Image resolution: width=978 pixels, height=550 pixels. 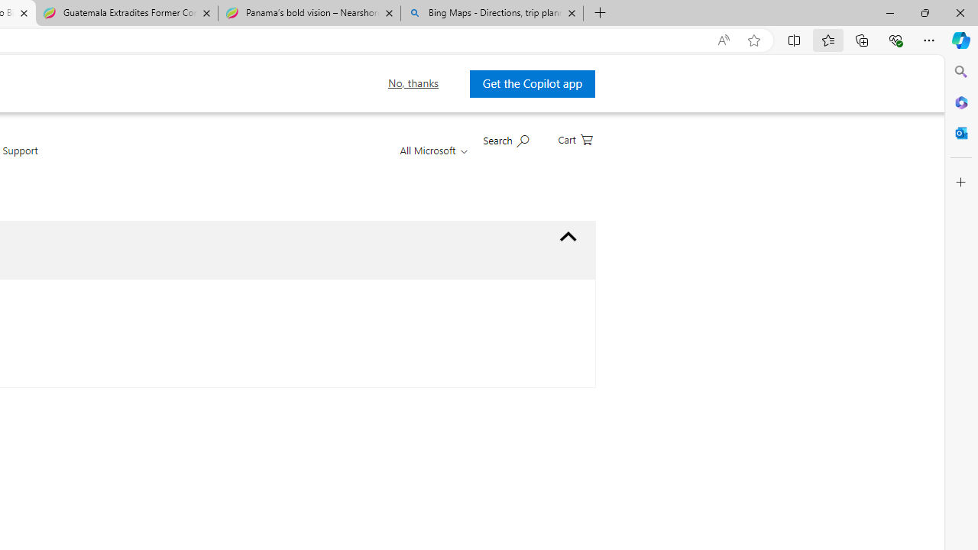 I want to click on 'Outlook', so click(x=960, y=132).